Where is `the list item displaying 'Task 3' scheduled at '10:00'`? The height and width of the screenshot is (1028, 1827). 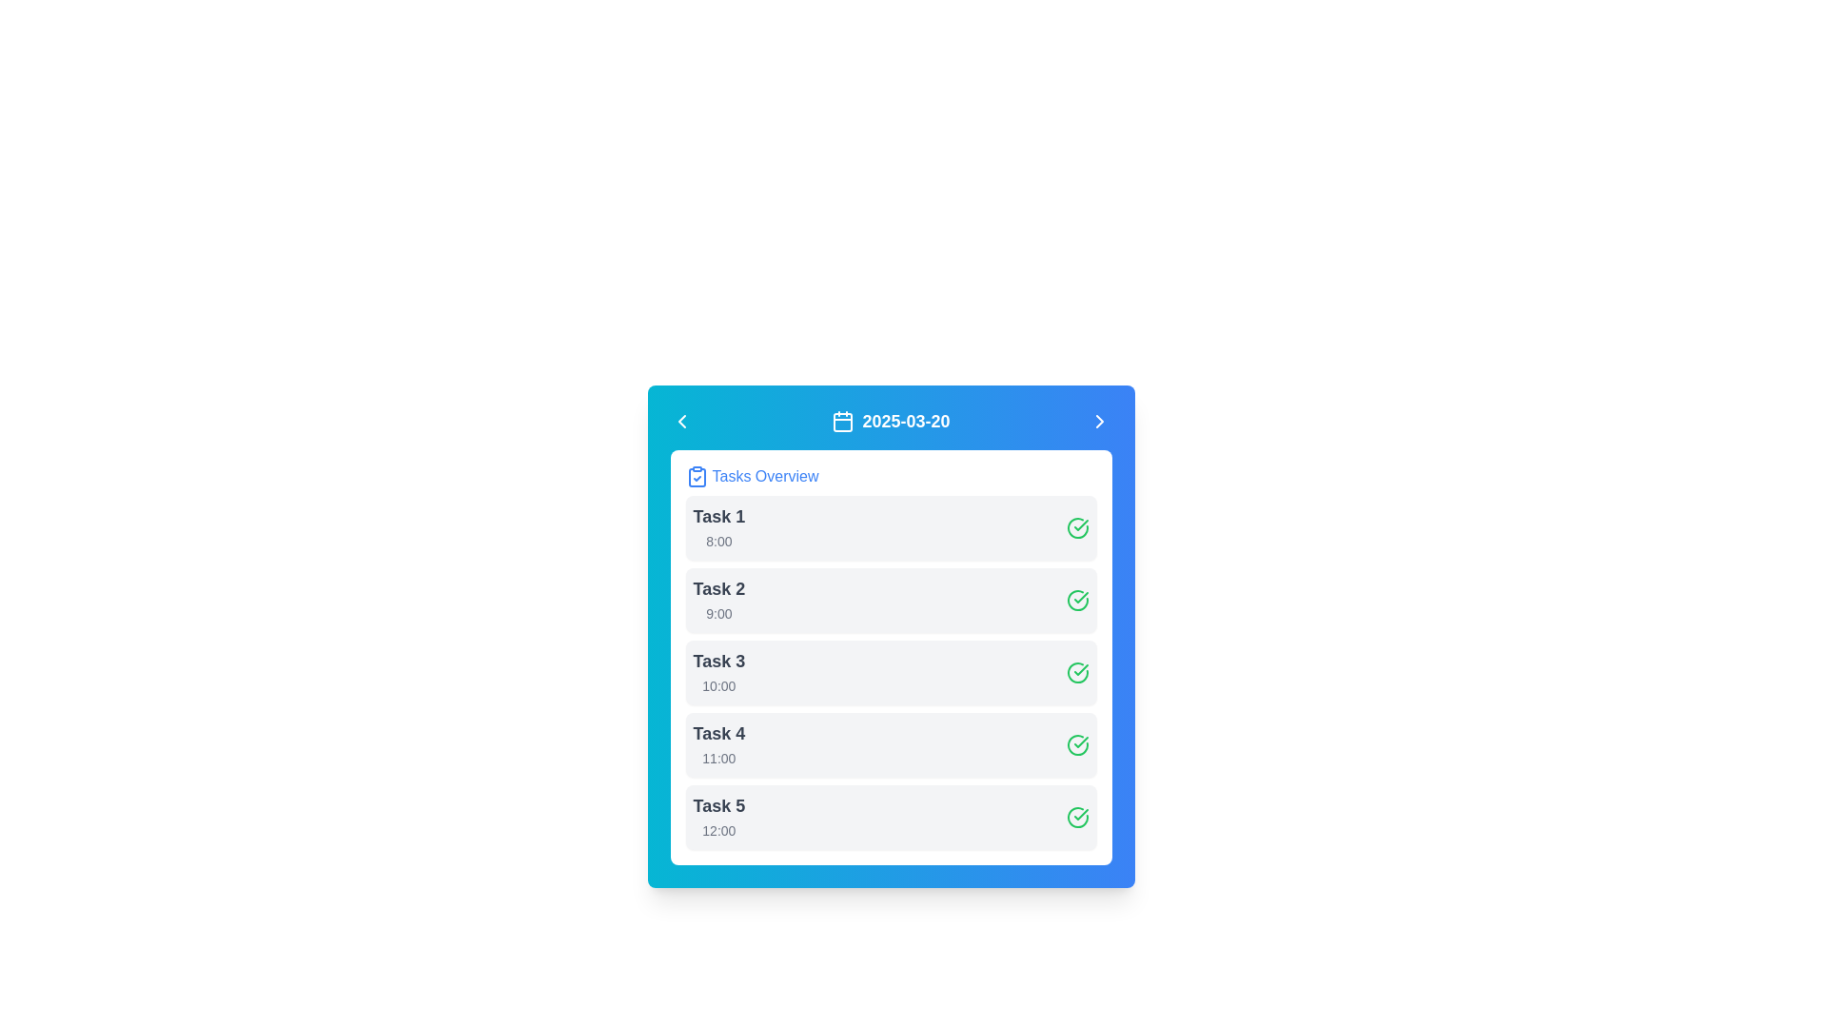
the list item displaying 'Task 3' scheduled at '10:00' is located at coordinates (890, 656).